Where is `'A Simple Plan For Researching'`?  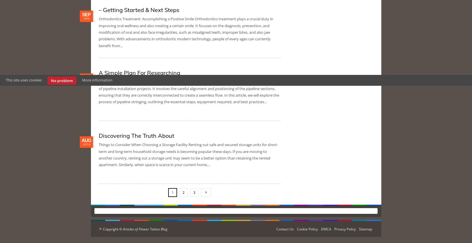 'A Simple Plan For Researching' is located at coordinates (139, 73).